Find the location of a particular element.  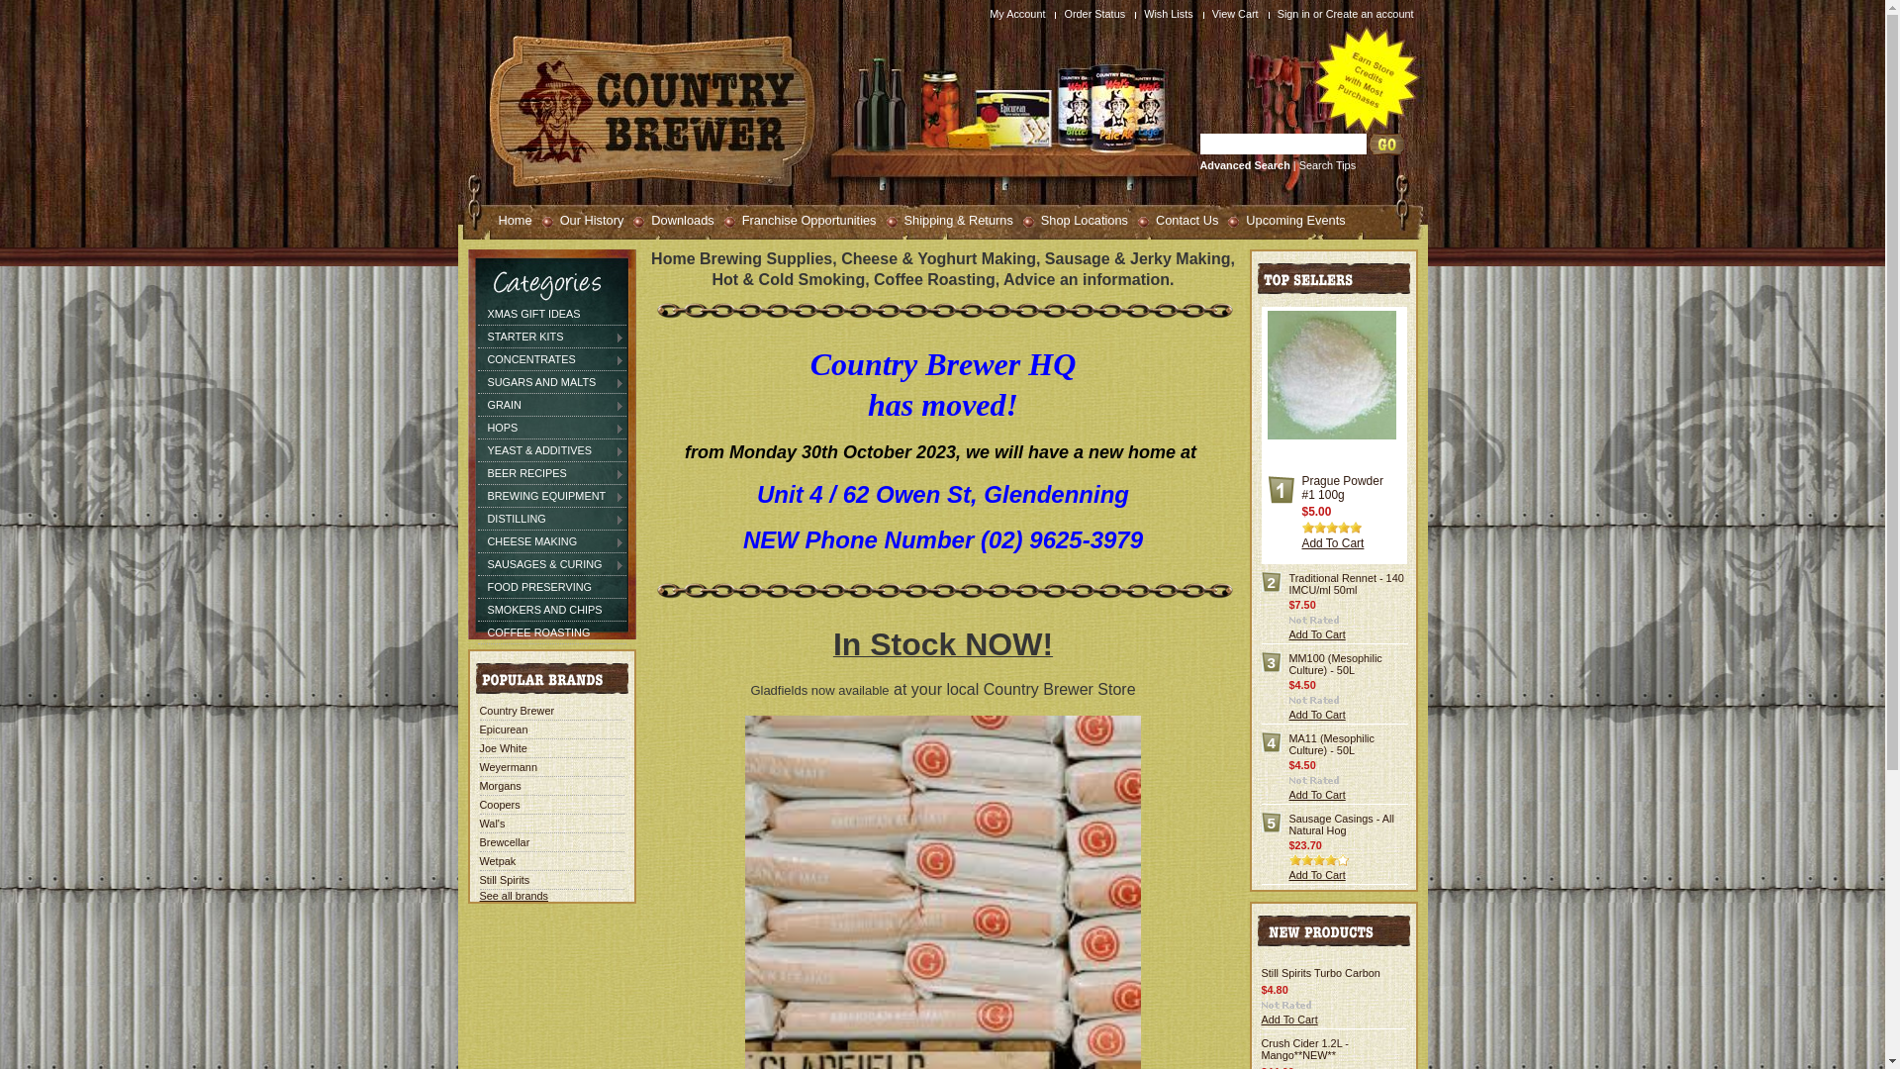

'Sign in' is located at coordinates (1293, 14).